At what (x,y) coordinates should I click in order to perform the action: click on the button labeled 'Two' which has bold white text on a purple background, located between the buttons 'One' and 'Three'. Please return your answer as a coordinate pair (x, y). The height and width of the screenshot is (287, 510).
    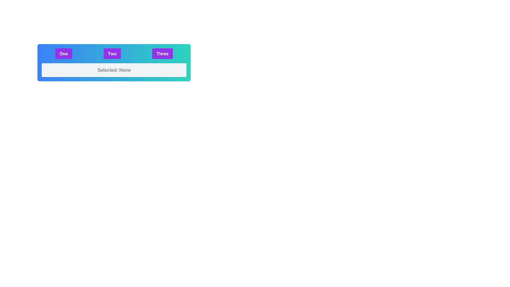
    Looking at the image, I should click on (112, 53).